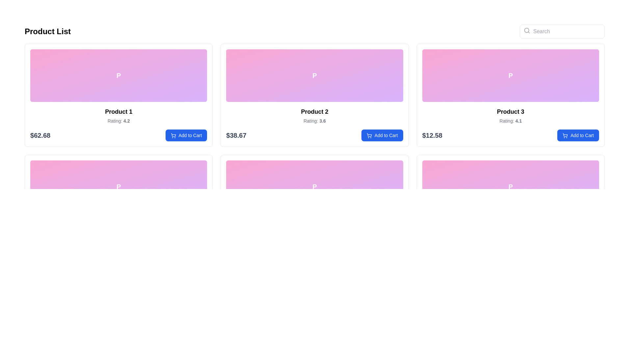 The image size is (632, 355). I want to click on the static text displaying the rating value for 'Product 1', which is located below the product name and above the price and 'Add to Cart' button, so click(118, 121).